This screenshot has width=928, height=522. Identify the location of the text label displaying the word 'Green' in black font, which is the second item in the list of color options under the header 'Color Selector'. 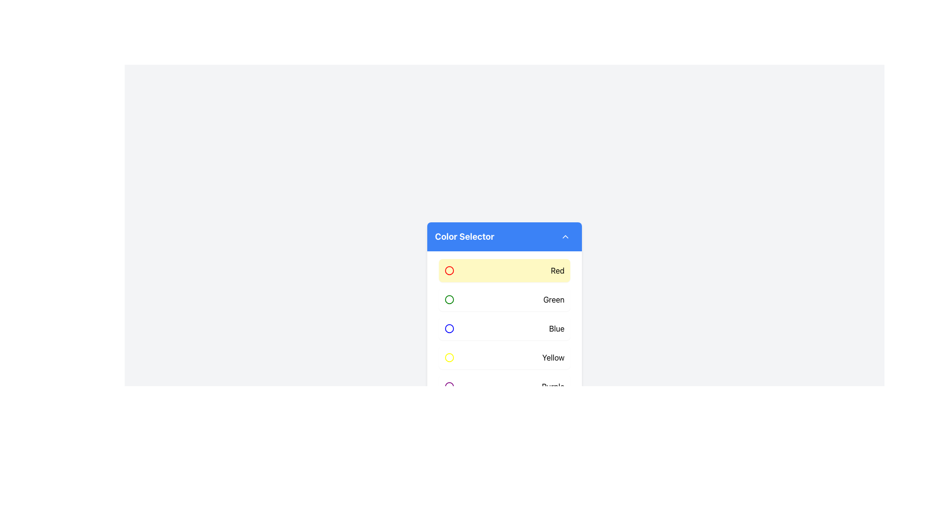
(554, 299).